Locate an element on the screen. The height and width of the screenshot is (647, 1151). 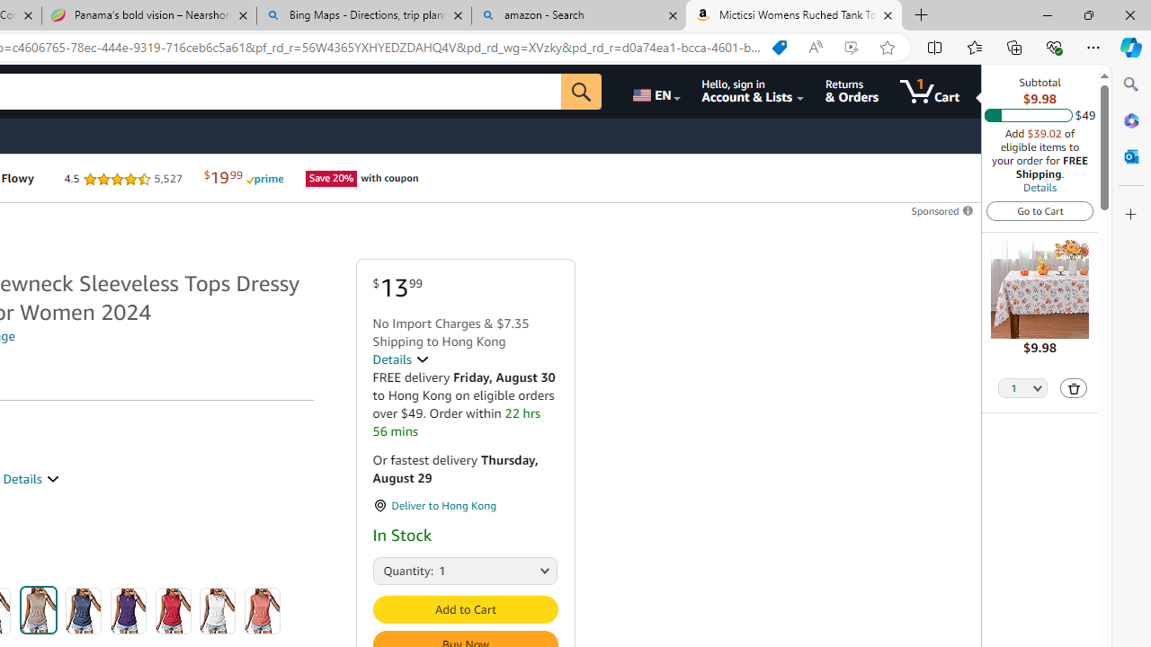
'Returns & Orders' is located at coordinates (851, 91).